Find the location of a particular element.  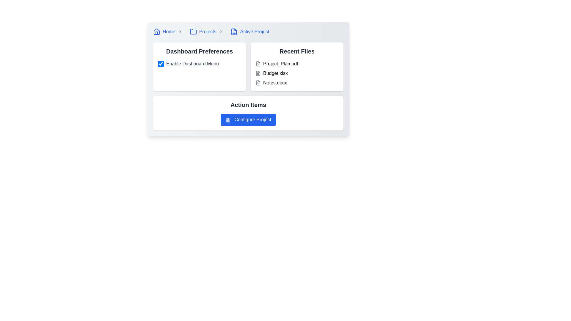

the 'Dashboard Preferences' header text, which is styled in bold and dark color, located within a white card-like area near the top of the interface is located at coordinates (200, 51).